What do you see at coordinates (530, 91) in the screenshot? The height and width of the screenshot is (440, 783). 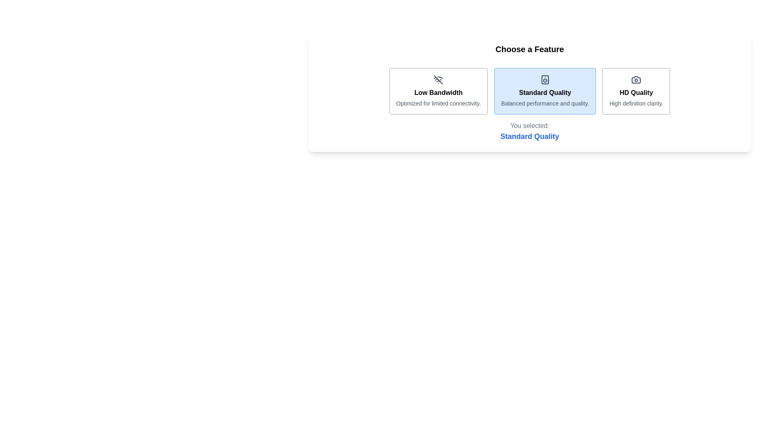 I see `the second selectable card in the row of three feature options` at bounding box center [530, 91].